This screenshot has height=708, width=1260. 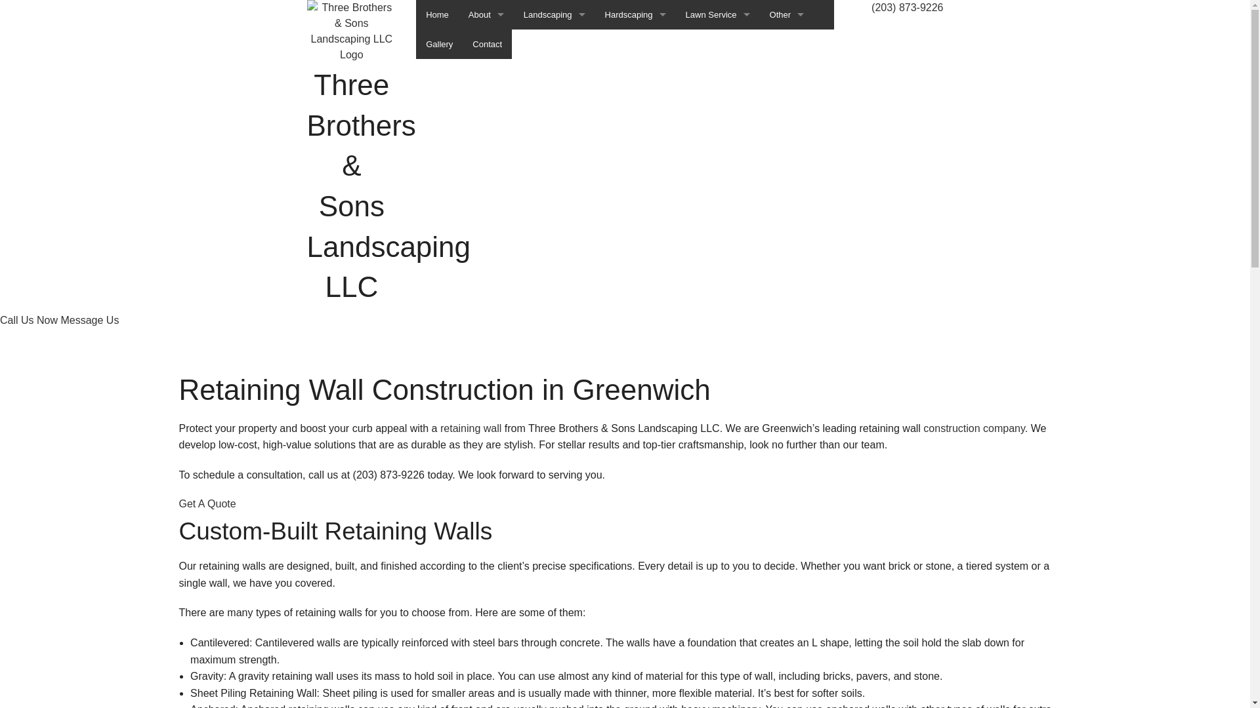 What do you see at coordinates (30, 320) in the screenshot?
I see `'Call Us Now'` at bounding box center [30, 320].